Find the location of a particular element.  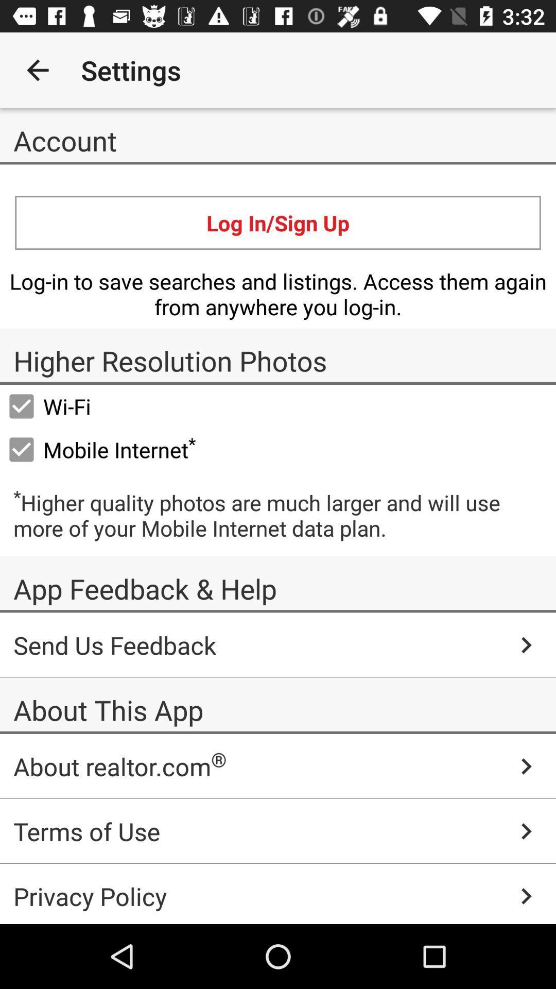

the send us feedback item is located at coordinates (278, 644).